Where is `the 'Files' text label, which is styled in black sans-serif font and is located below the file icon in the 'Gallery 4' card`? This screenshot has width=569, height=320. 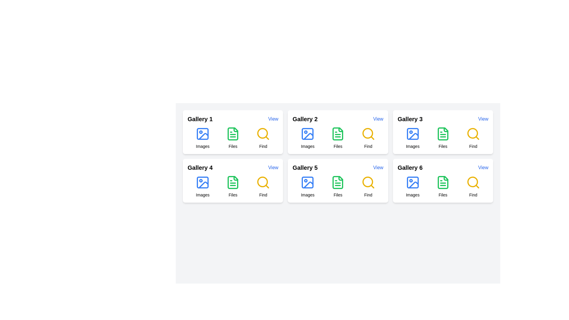
the 'Files' text label, which is styled in black sans-serif font and is located below the file icon in the 'Gallery 4' card is located at coordinates (233, 195).